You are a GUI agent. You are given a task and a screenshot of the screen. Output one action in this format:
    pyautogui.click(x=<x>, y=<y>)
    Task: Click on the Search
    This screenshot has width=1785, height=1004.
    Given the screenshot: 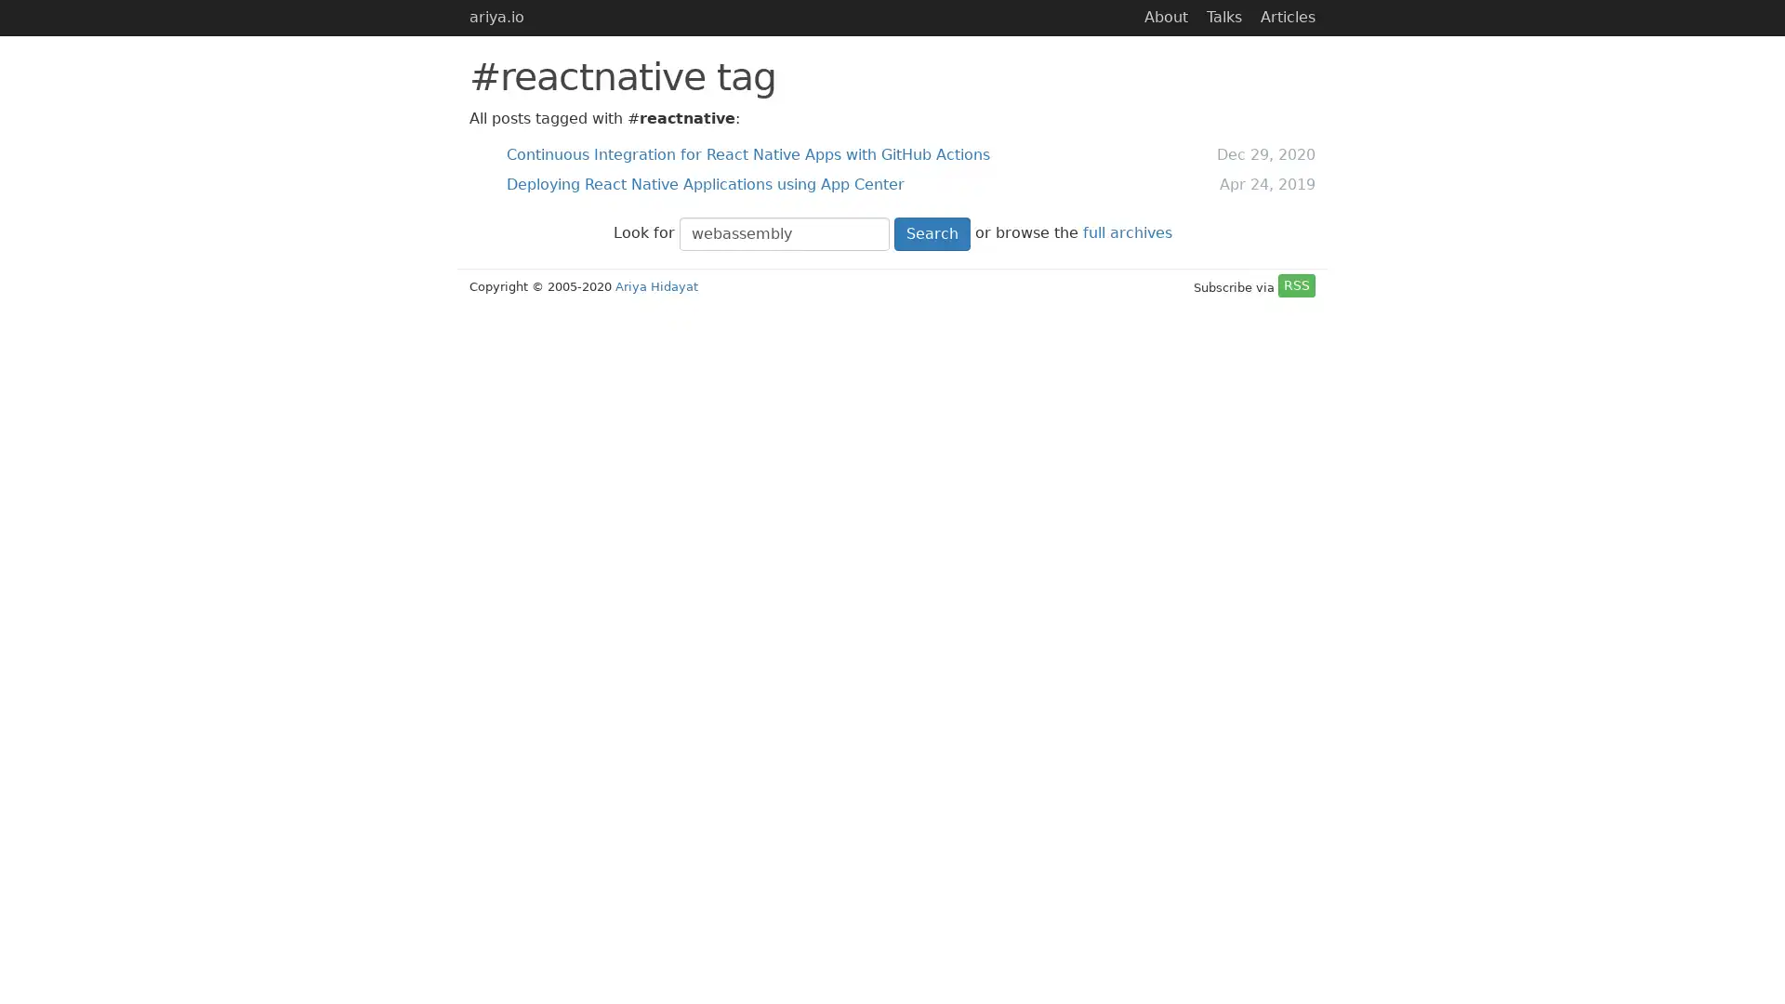 What is the action you would take?
    pyautogui.click(x=932, y=232)
    